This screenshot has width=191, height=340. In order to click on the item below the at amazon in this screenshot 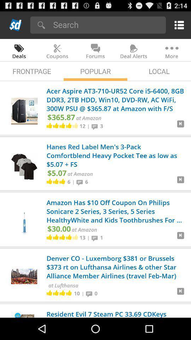, I will do `click(82, 237)`.